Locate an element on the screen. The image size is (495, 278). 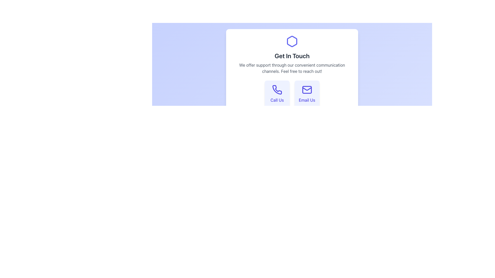
text label located below the indigo phone icon that indicates the purpose of the 'Call Us' action is located at coordinates (277, 100).